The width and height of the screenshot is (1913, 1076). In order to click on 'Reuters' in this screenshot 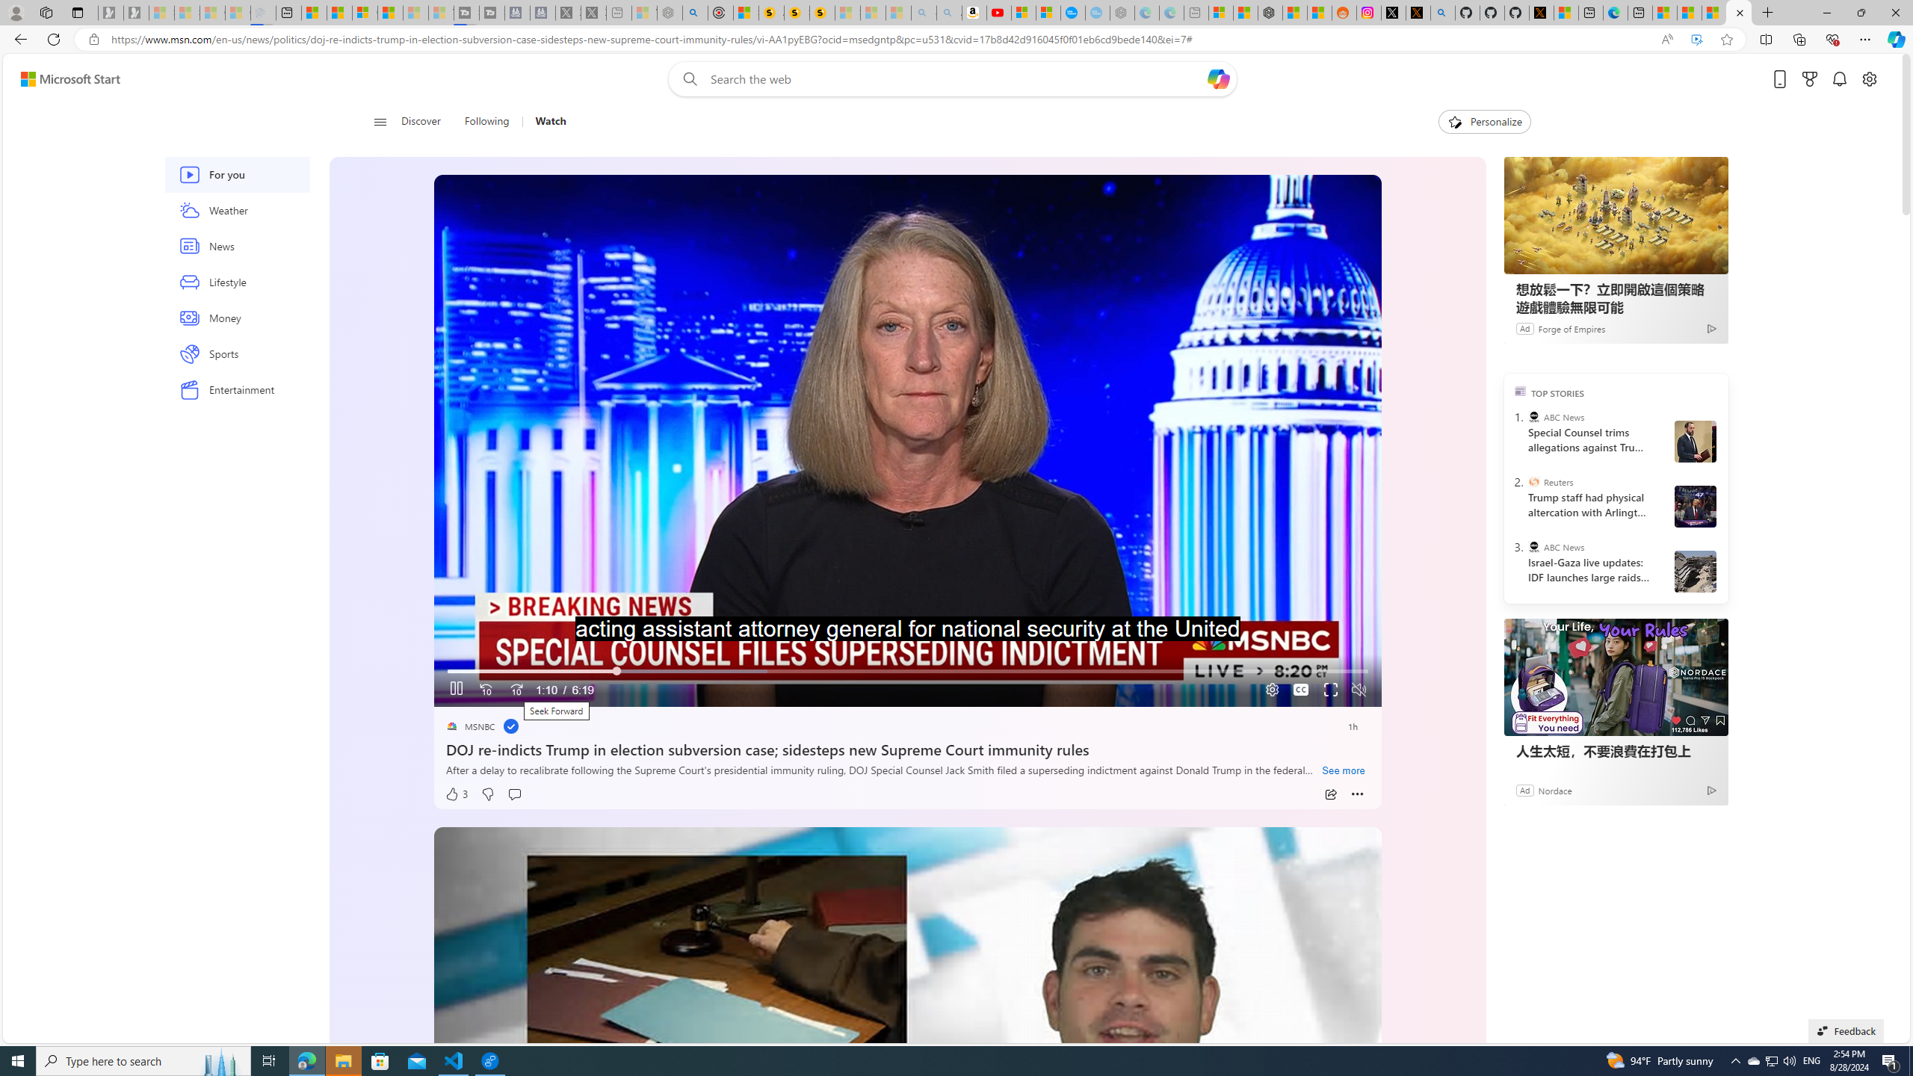, I will do `click(1534, 480)`.